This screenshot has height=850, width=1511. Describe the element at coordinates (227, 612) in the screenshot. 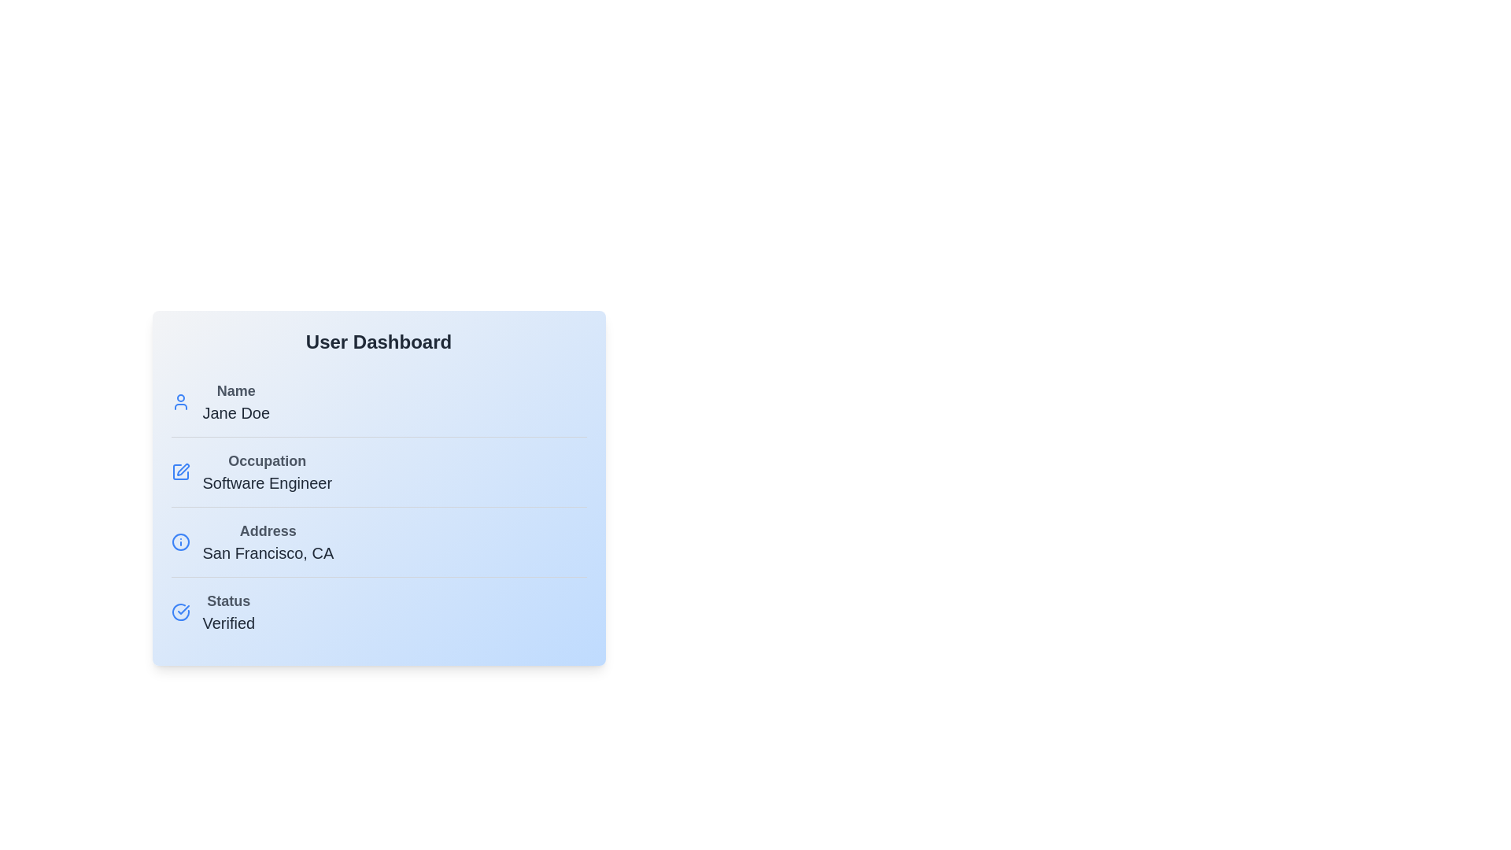

I see `the 'Verified' status text label located in the 'User Dashboard' section, positioned to the right of the checkmark icon` at that location.